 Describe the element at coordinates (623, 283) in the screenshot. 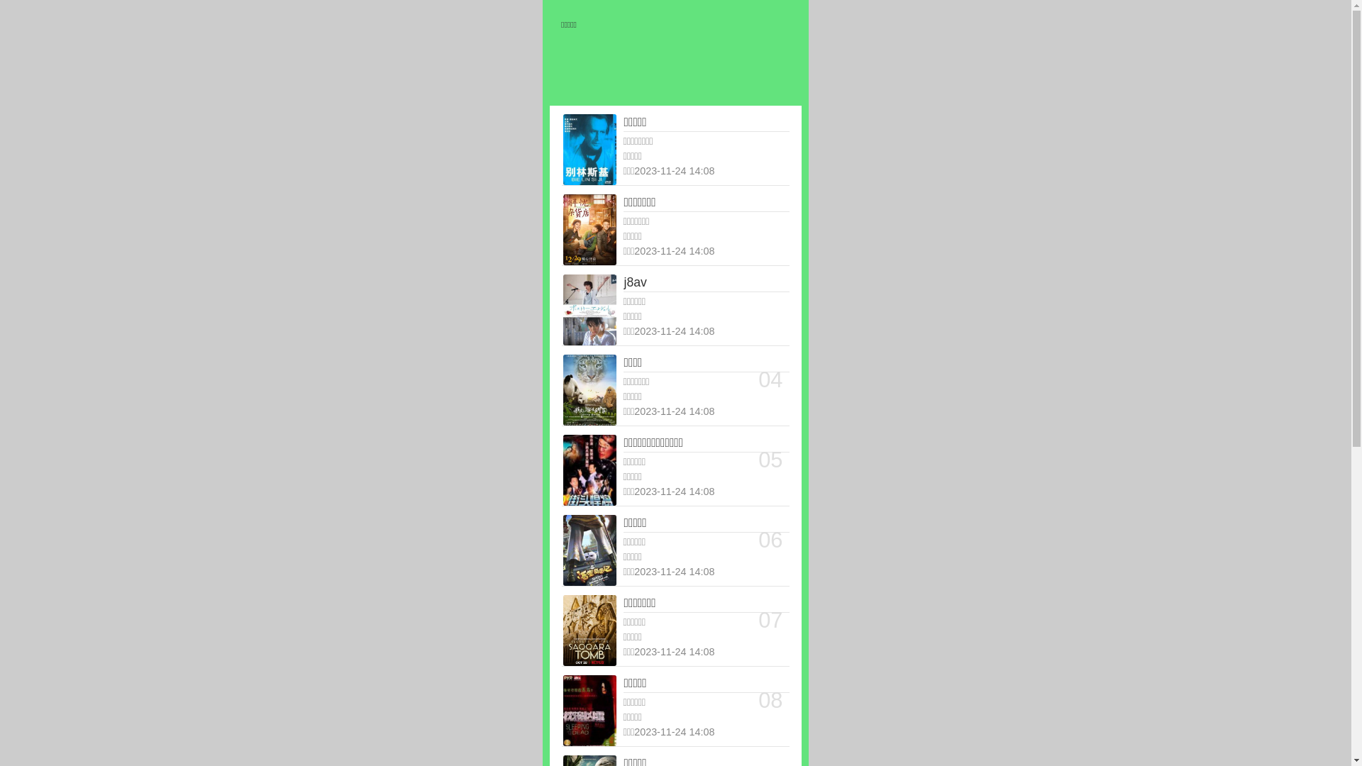

I see `'j8av'` at that location.